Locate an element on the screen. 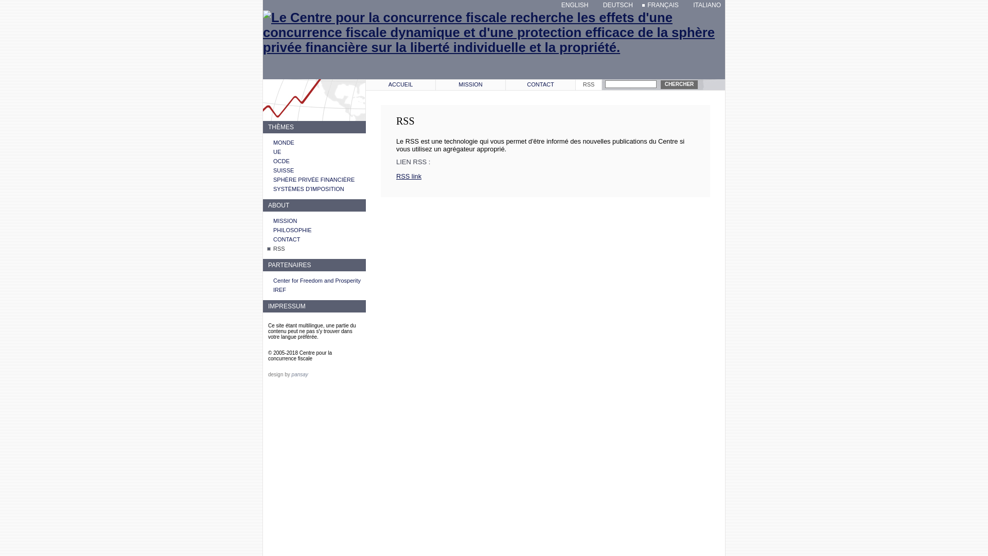 Image resolution: width=988 pixels, height=556 pixels. 'pansay' is located at coordinates (299, 374).